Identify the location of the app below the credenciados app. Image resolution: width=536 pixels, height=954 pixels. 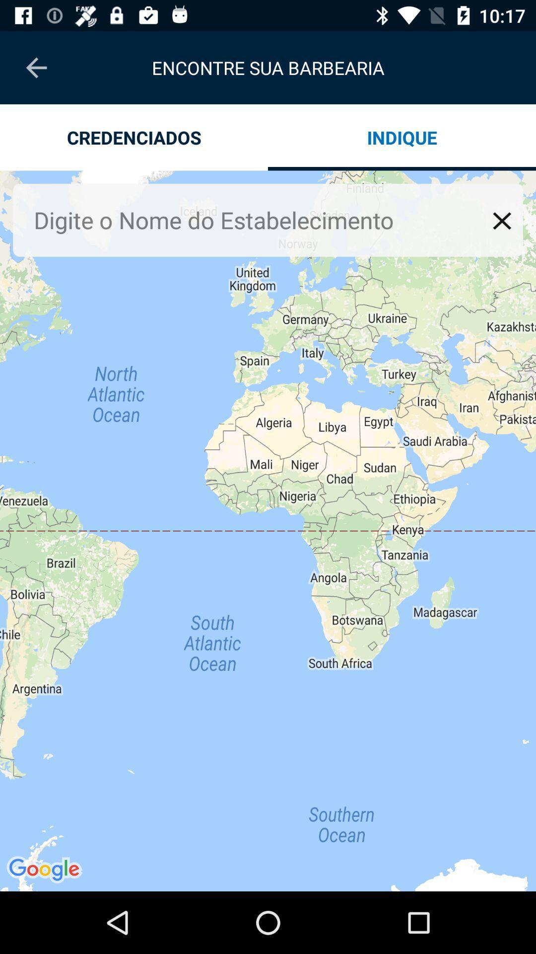
(260, 220).